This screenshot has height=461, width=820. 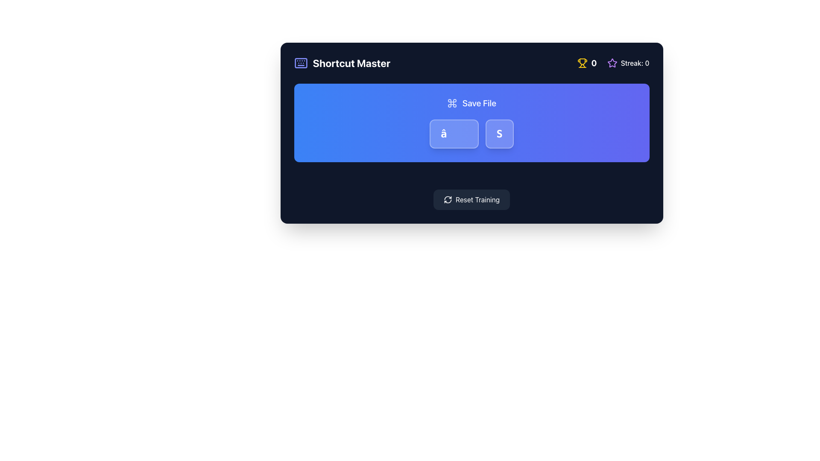 I want to click on the header element displaying 'Shortcut Master', which is located in the top-left corner of the blue background section and is distinct due to its unique content and styling, so click(x=351, y=62).